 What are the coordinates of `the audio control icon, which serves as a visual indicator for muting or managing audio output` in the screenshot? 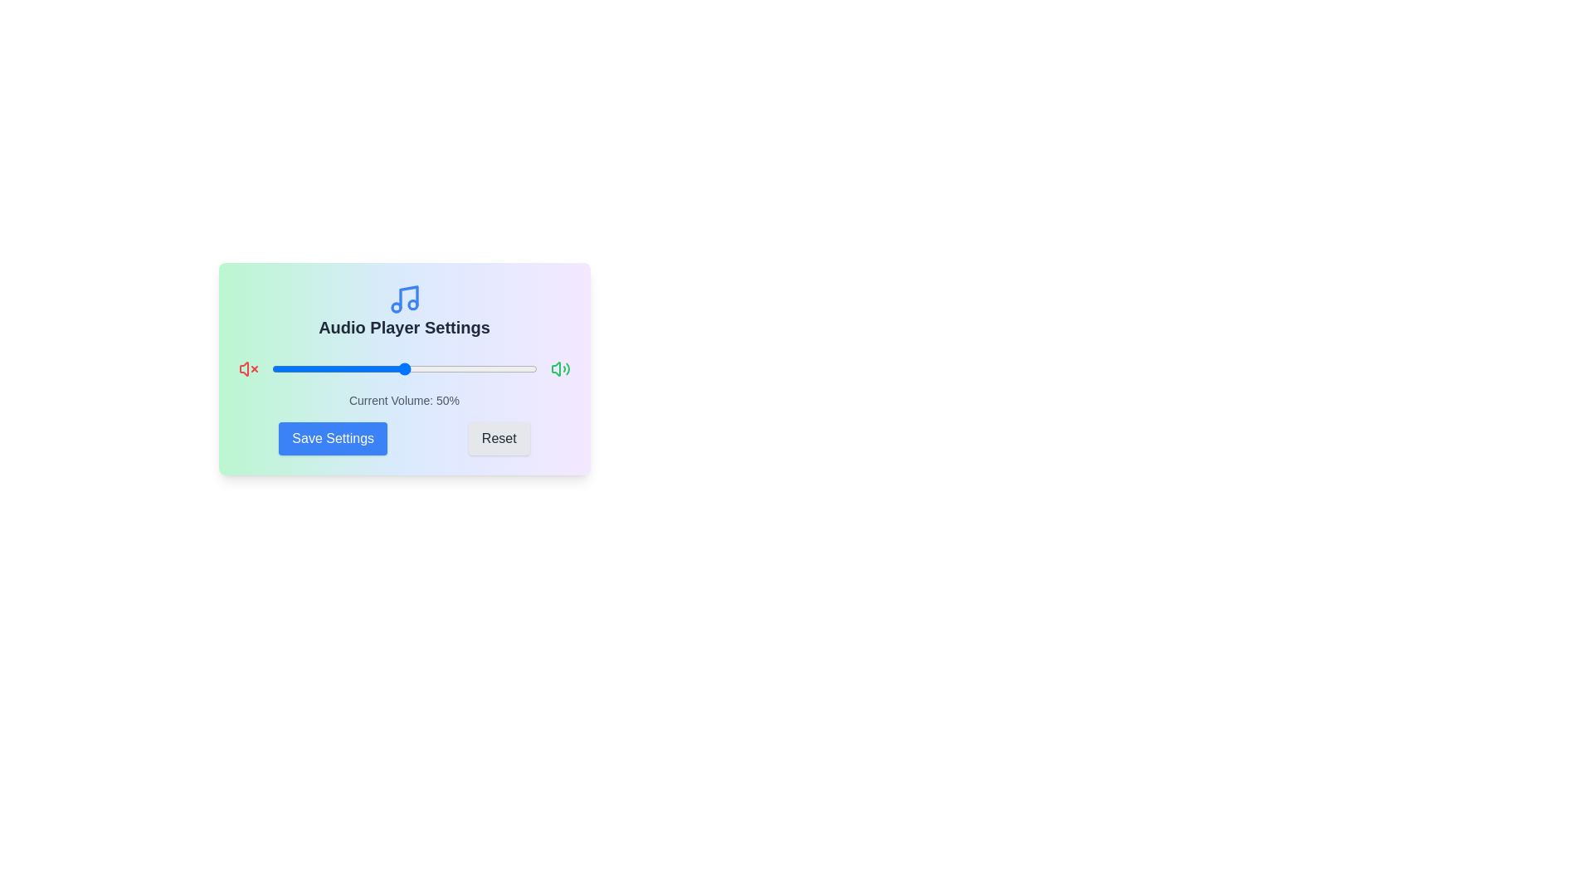 It's located at (242, 368).